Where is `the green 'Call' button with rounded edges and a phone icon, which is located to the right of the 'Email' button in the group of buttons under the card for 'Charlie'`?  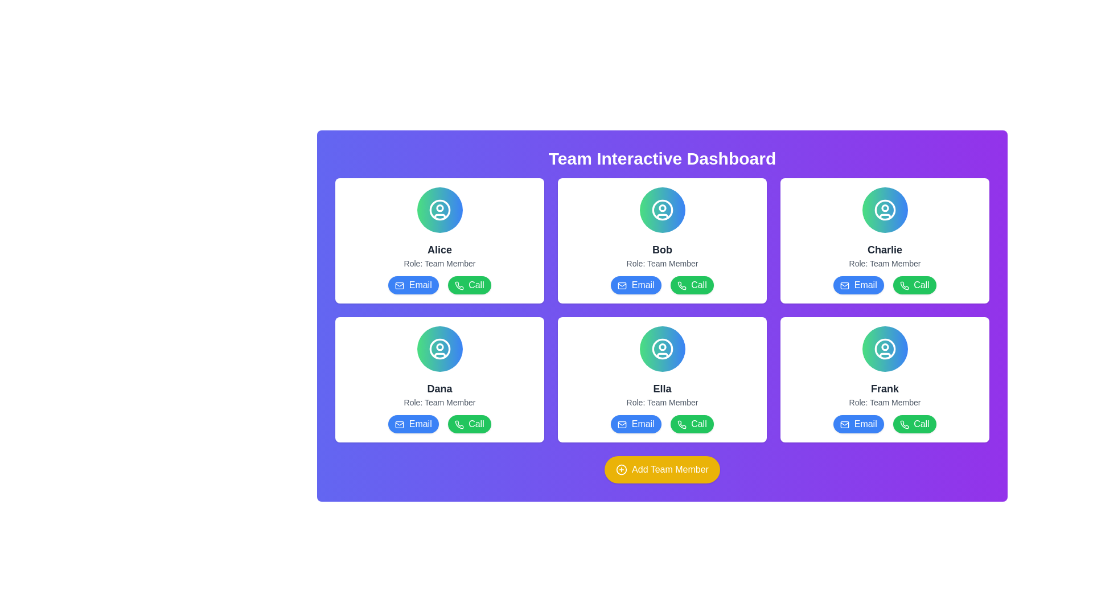 the green 'Call' button with rounded edges and a phone icon, which is located to the right of the 'Email' button in the group of buttons under the card for 'Charlie' is located at coordinates (914, 285).